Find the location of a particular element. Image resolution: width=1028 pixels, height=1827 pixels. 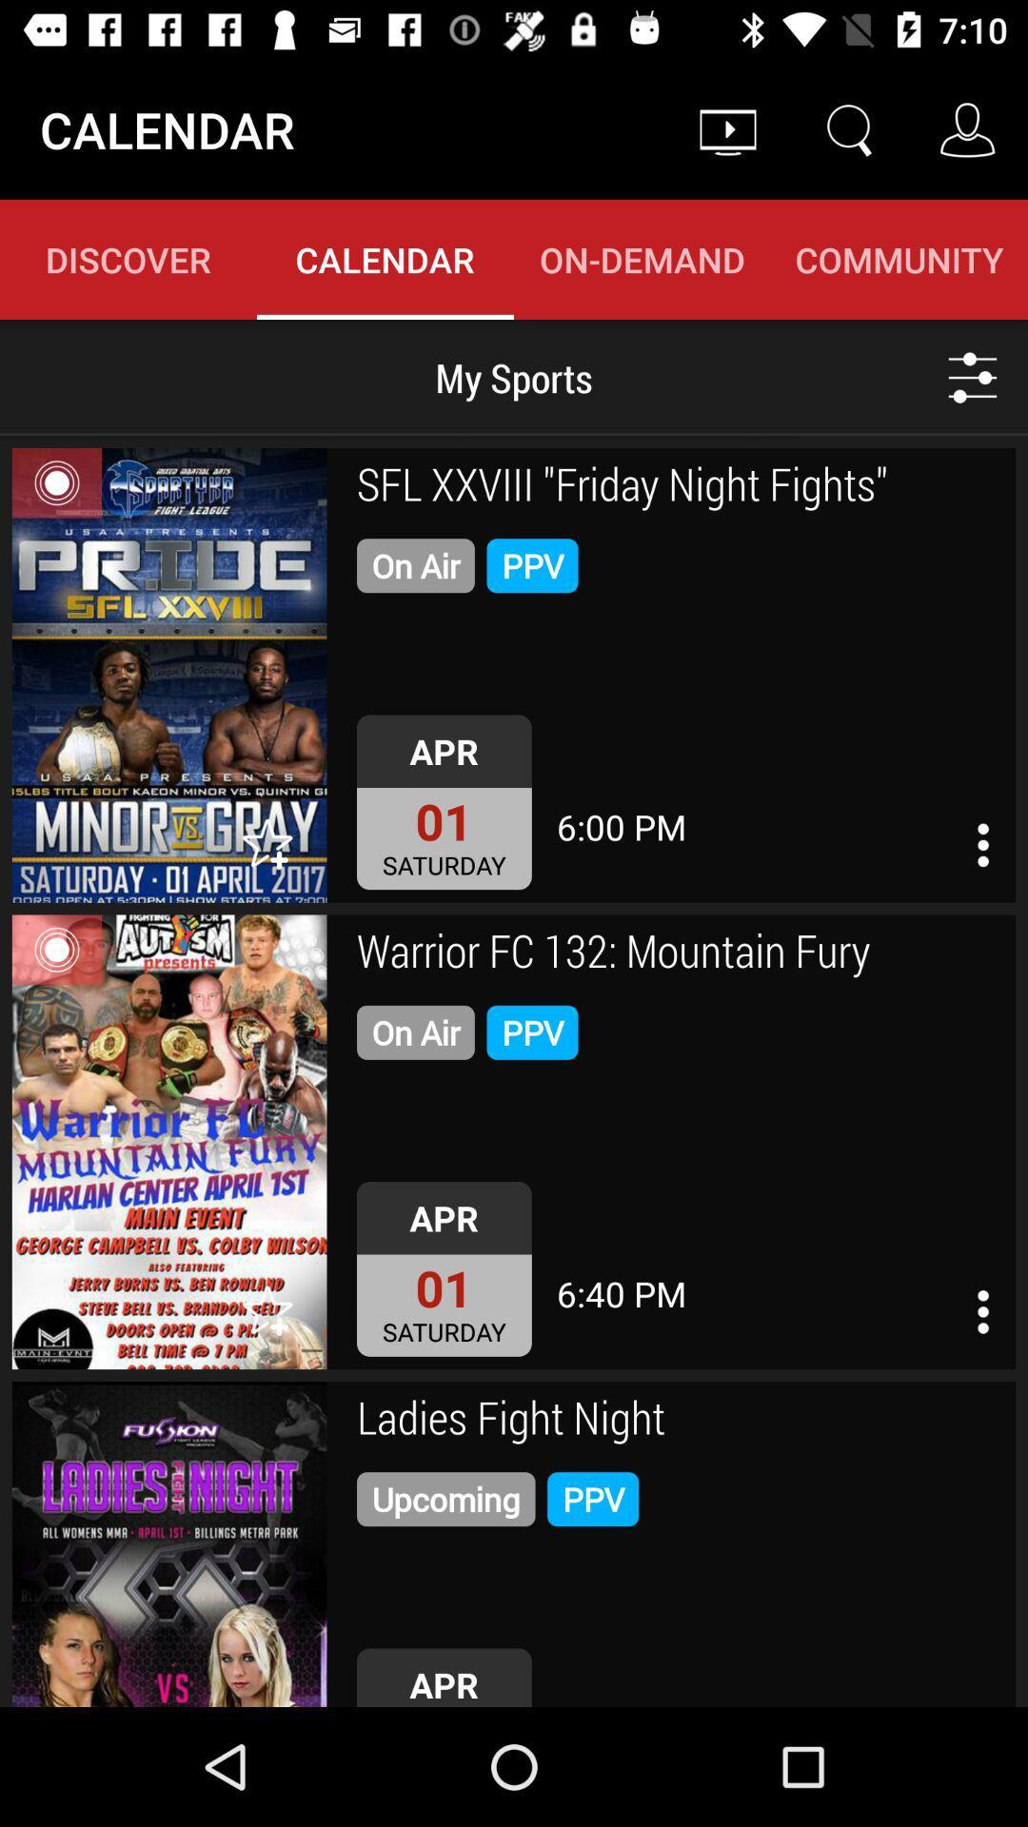

warrior fc 132 is located at coordinates (679, 953).